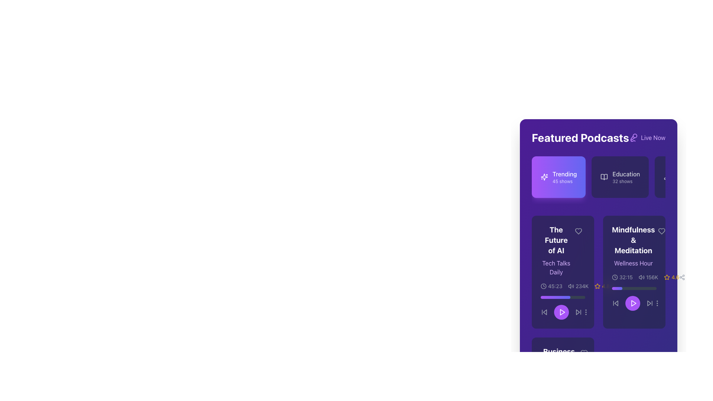 This screenshot has height=401, width=713. Describe the element at coordinates (562, 312) in the screenshot. I see `the play button icon located at the bottom center of the podcast card titled 'The Future of AI' to focus on it` at that location.